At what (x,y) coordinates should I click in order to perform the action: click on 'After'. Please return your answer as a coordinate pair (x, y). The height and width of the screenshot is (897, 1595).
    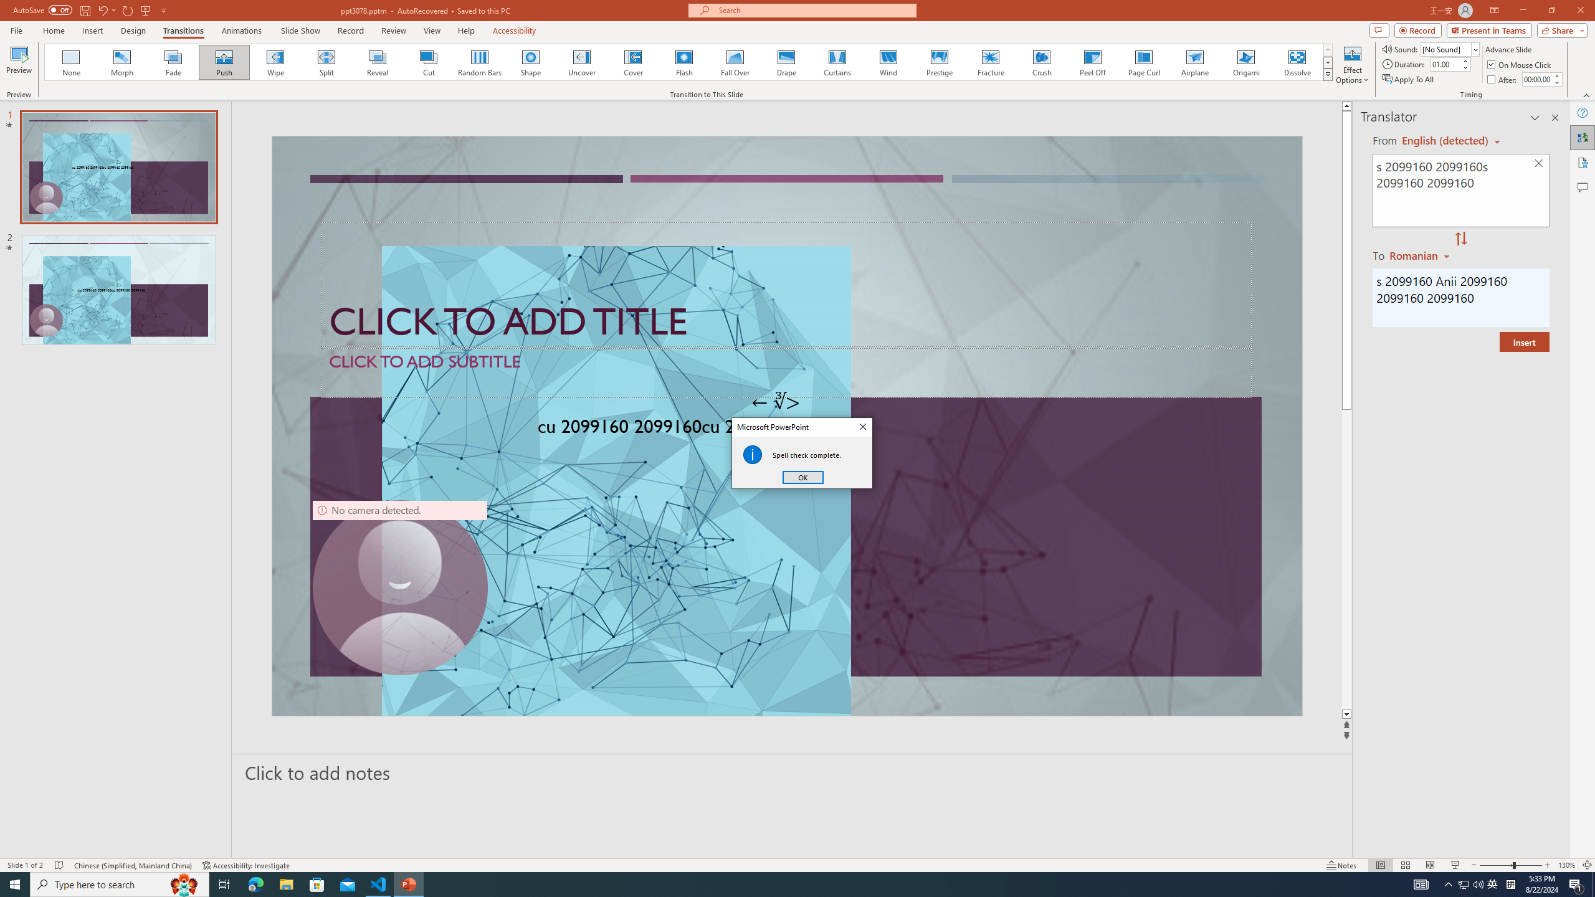
    Looking at the image, I should click on (1503, 79).